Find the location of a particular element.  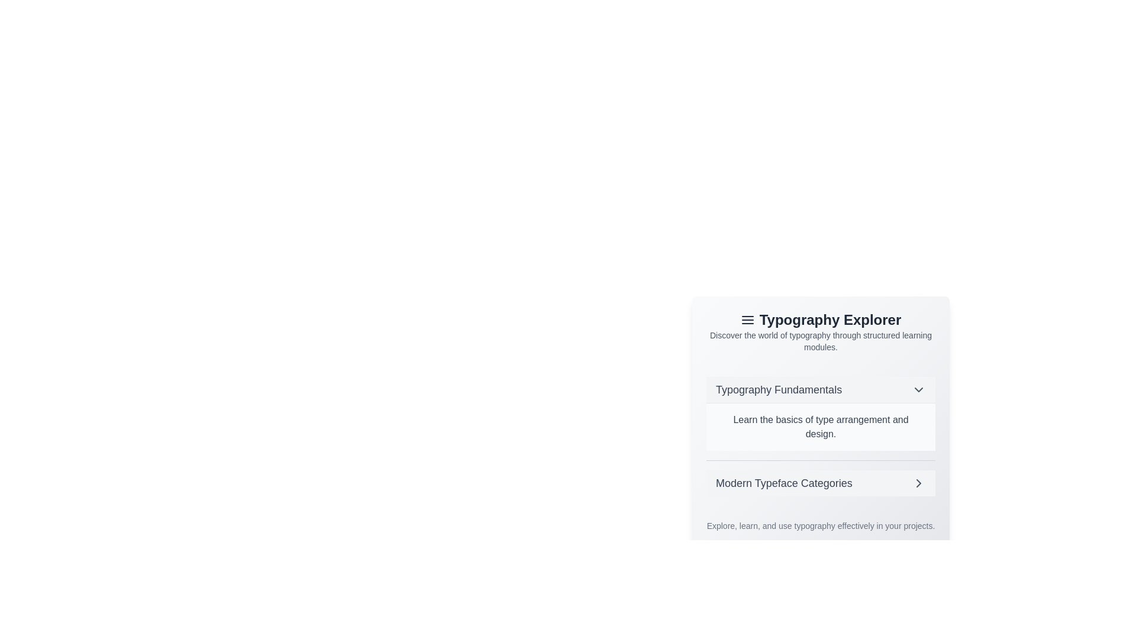

the text label displaying 'Learn the basics of type arrangement and design.' that is centrally aligned in the 'Typography Fundamentals' section is located at coordinates (820, 427).